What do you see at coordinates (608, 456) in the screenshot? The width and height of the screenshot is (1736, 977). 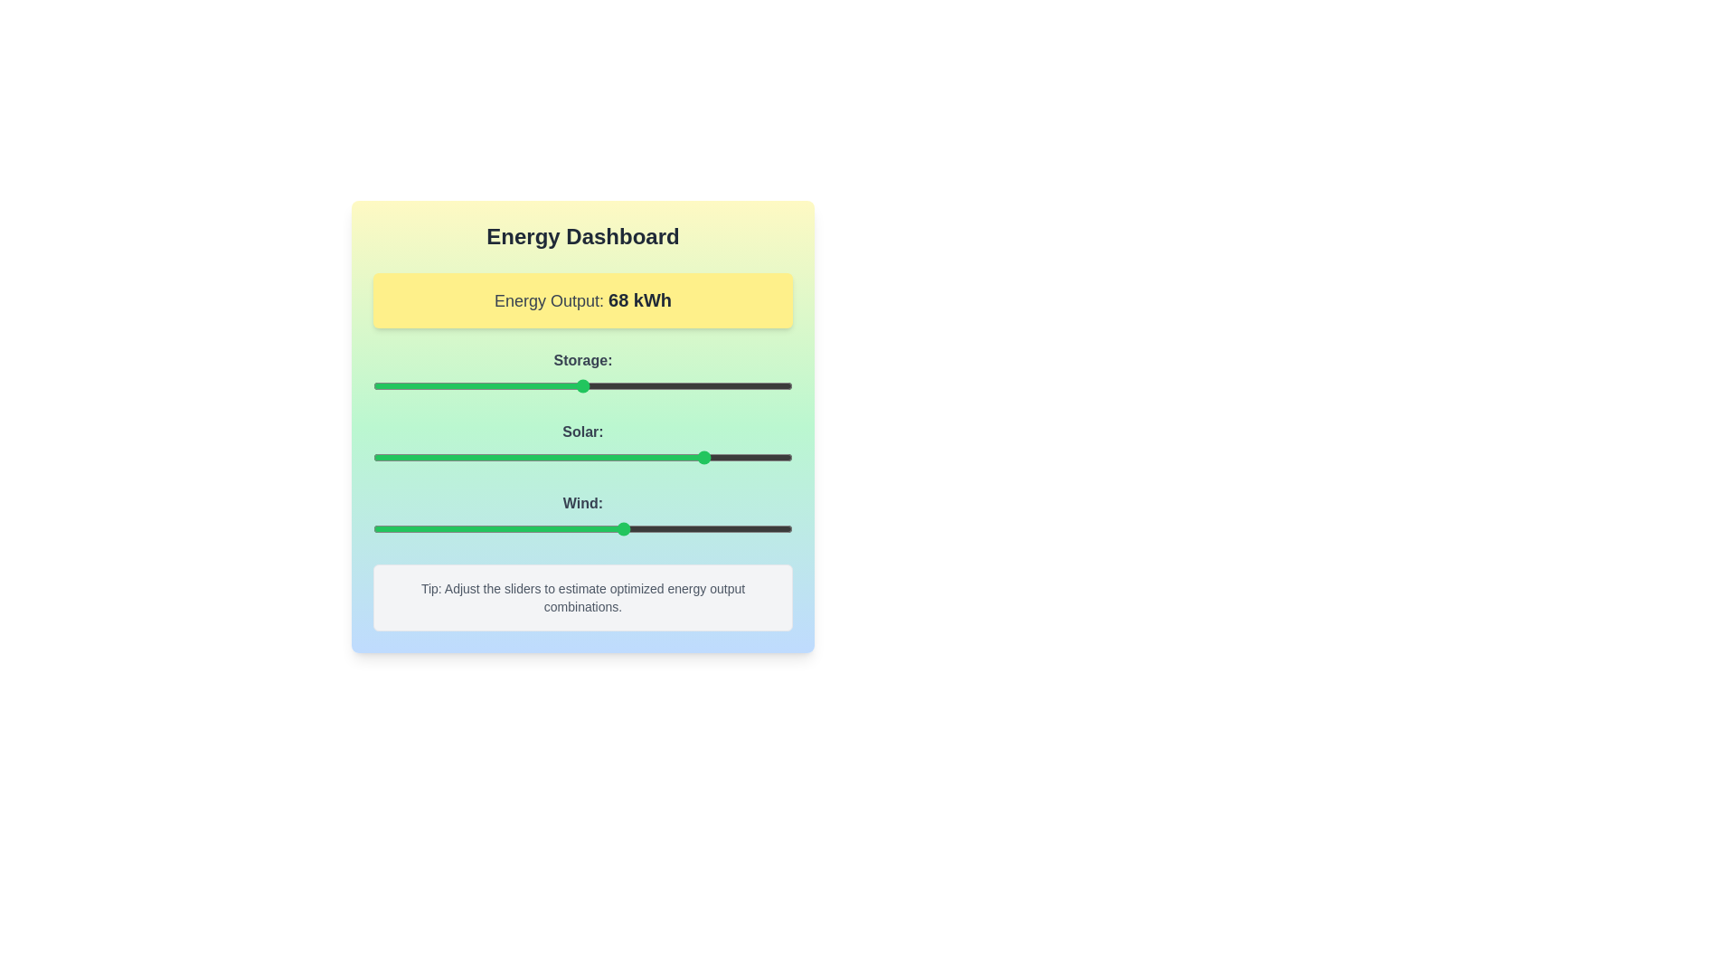 I see `the 'Solar' slider to 56%` at bounding box center [608, 456].